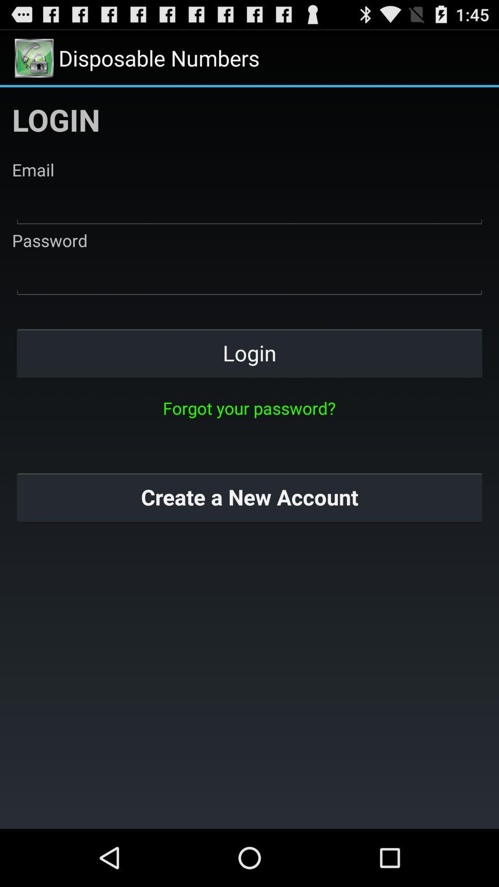 This screenshot has width=499, height=887. Describe the element at coordinates (249, 407) in the screenshot. I see `forgot your password? icon` at that location.